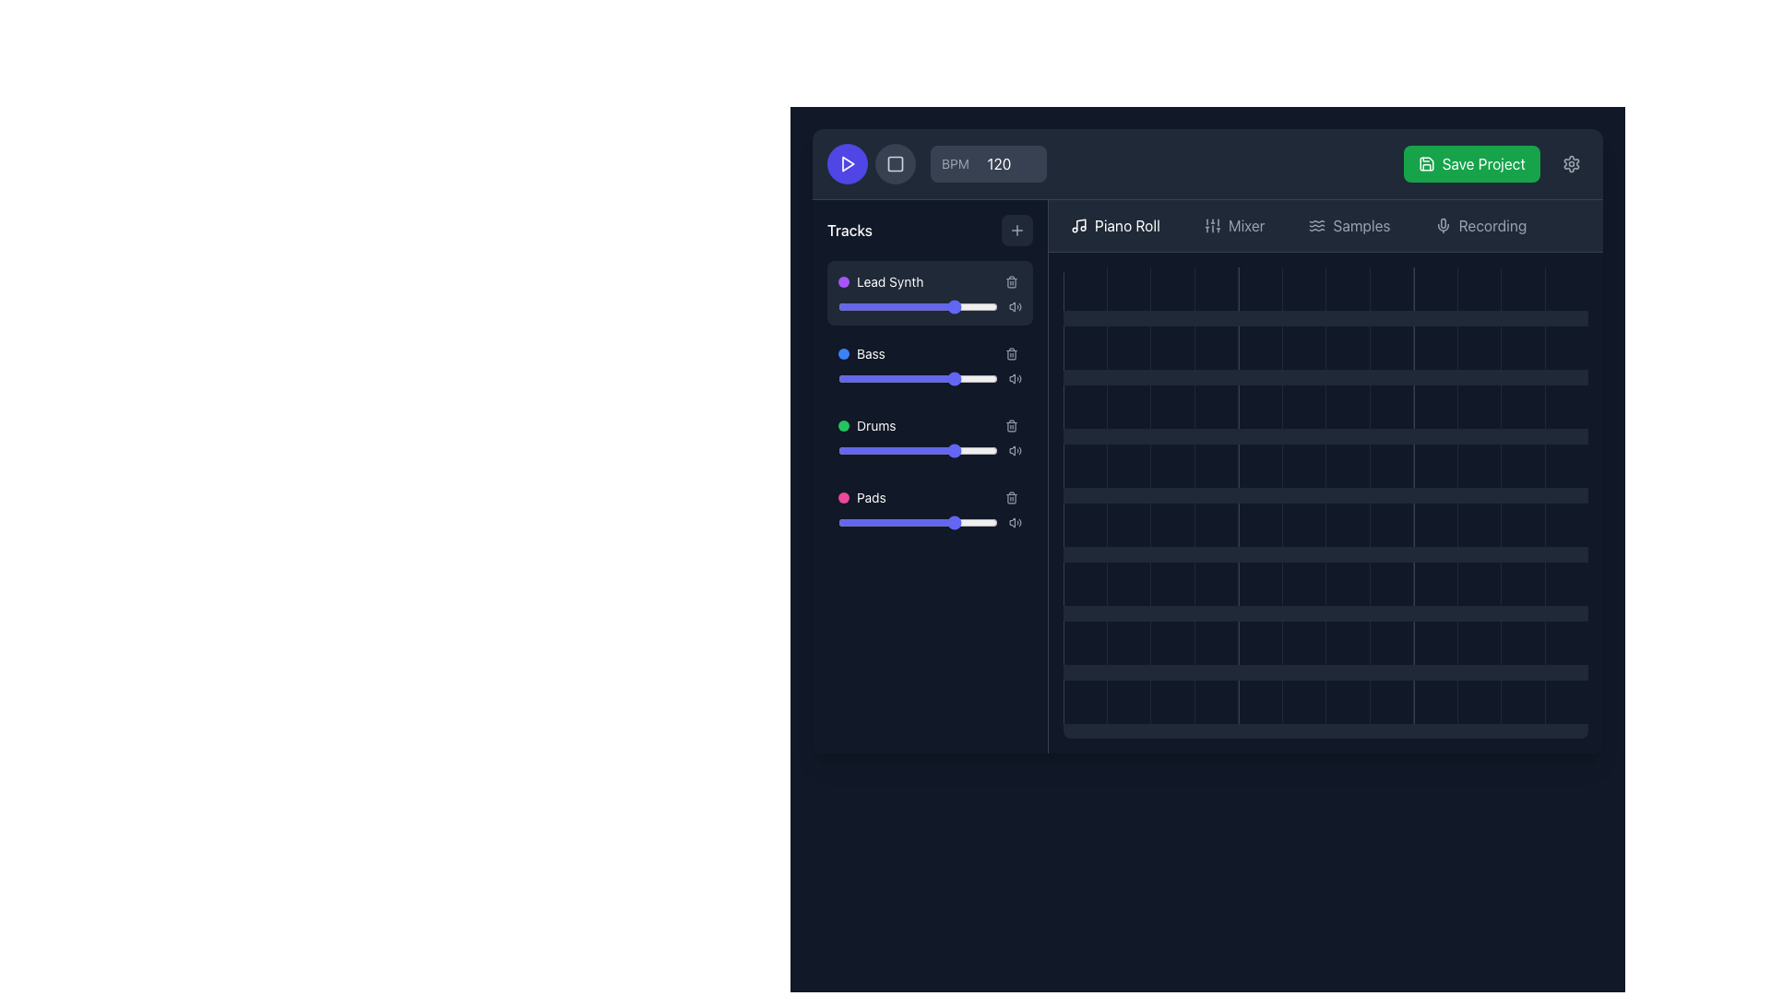 The image size is (1771, 996). I want to click on the volume control icon for the 'Bass' track, so click(1011, 378).